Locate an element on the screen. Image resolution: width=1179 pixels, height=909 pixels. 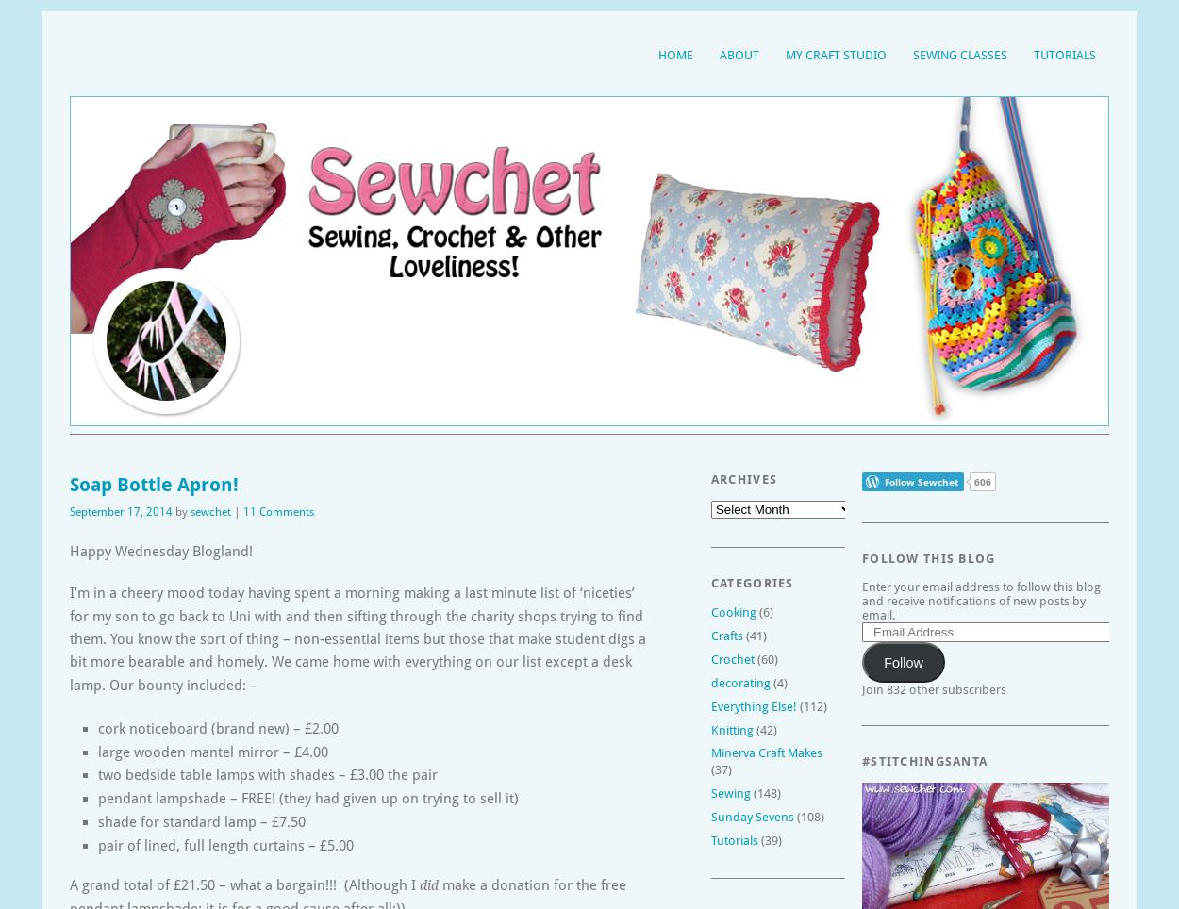
'(6)' is located at coordinates (764, 611).